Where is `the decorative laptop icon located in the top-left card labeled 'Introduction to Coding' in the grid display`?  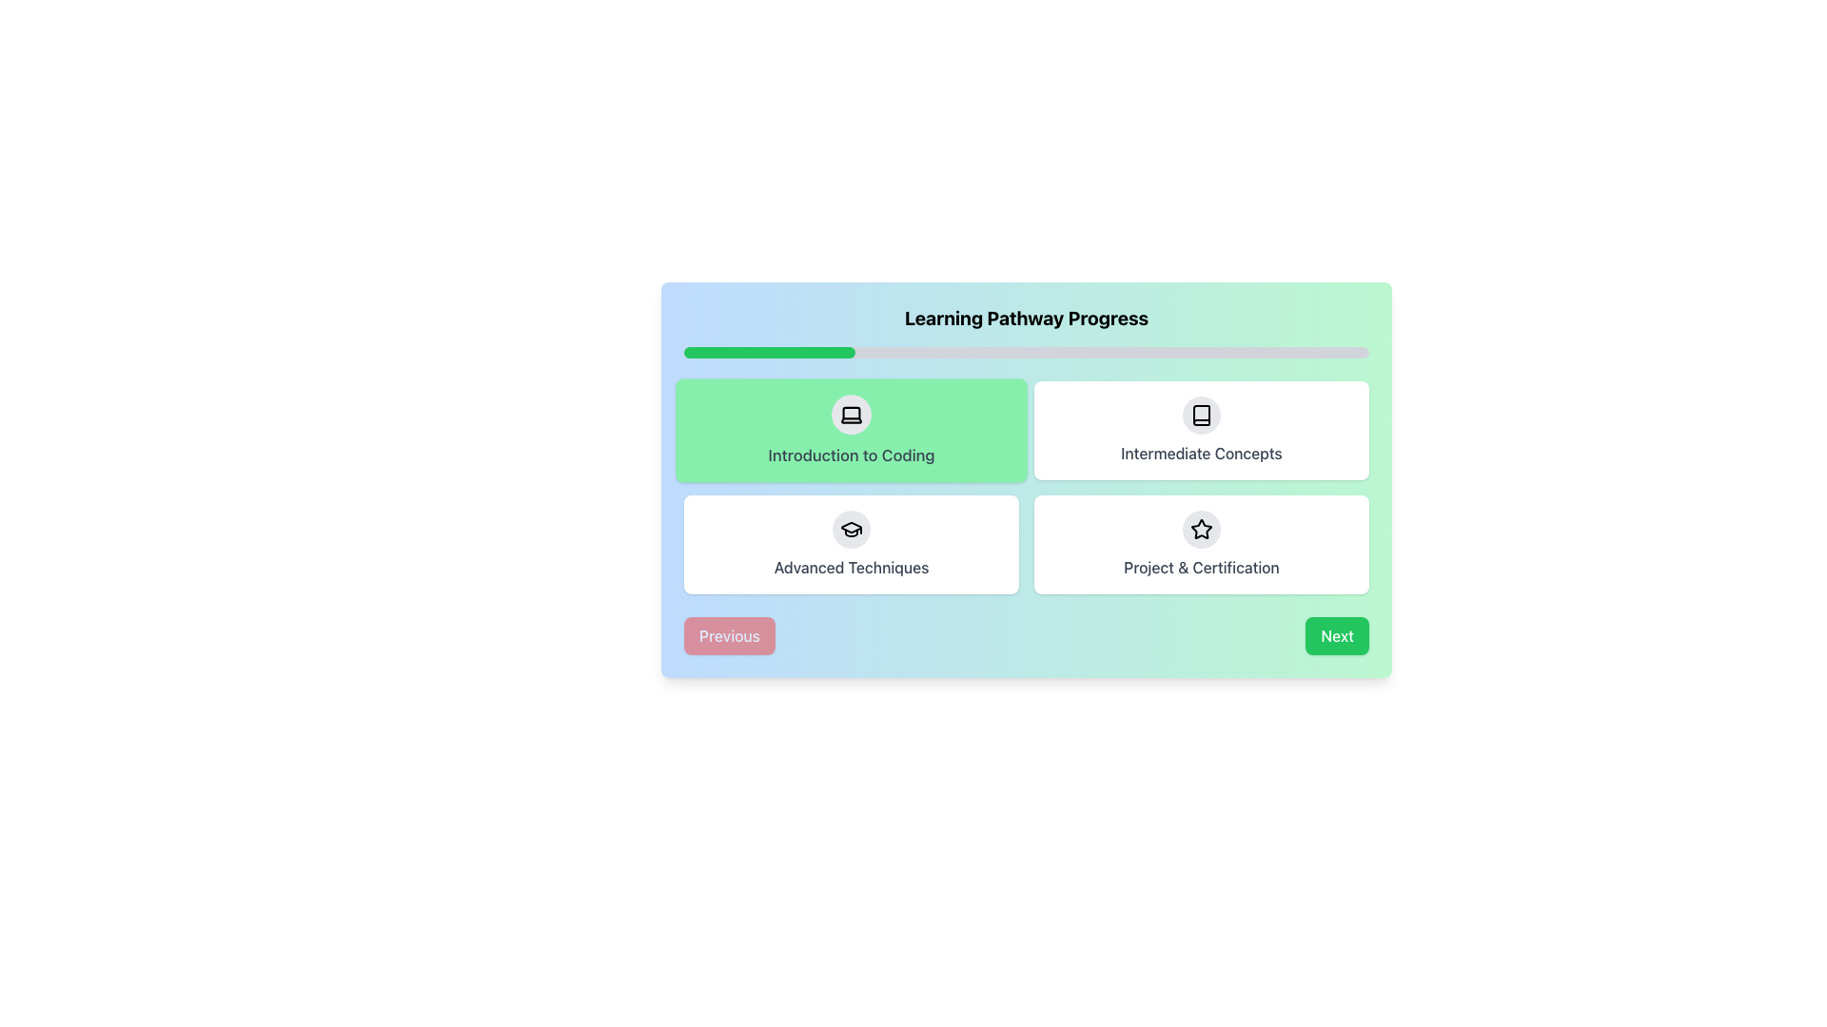
the decorative laptop icon located in the top-left card labeled 'Introduction to Coding' in the grid display is located at coordinates (850, 413).